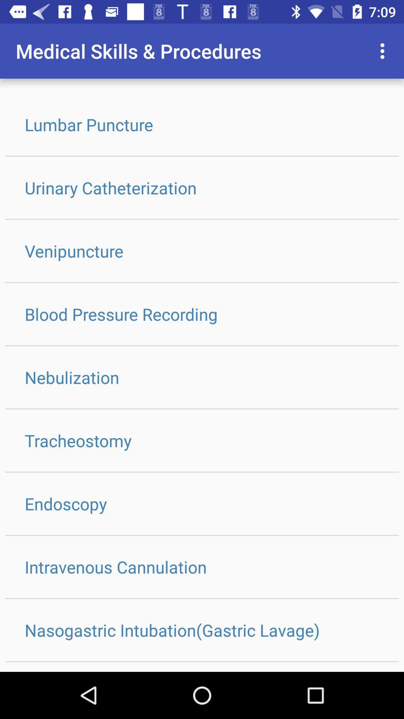 The image size is (404, 719). Describe the element at coordinates (202, 377) in the screenshot. I see `nebulization icon` at that location.